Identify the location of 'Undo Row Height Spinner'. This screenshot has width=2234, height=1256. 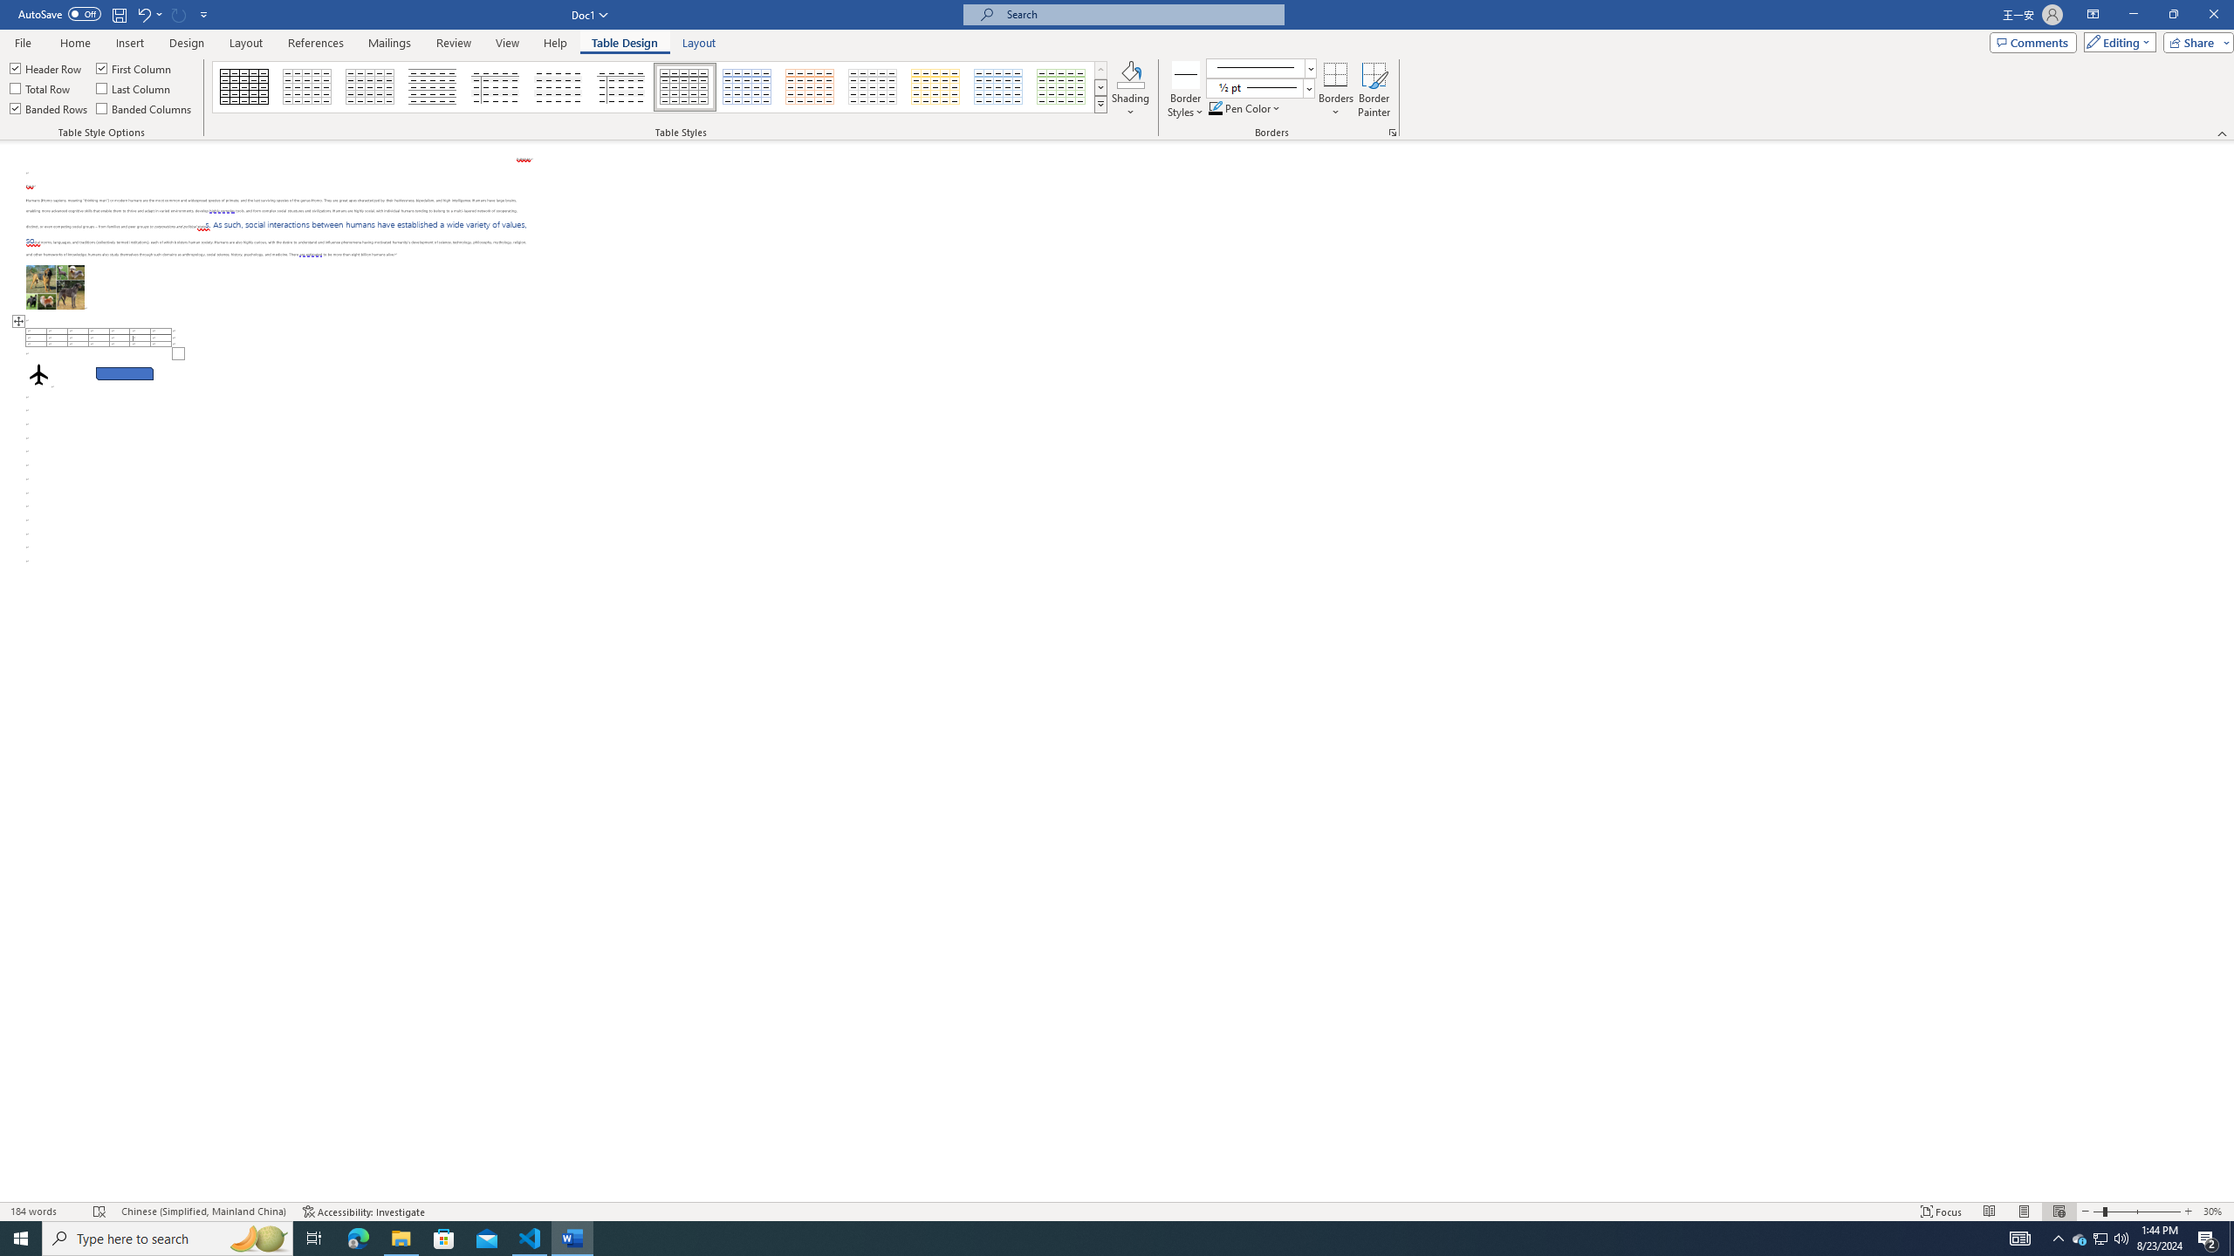
(142, 13).